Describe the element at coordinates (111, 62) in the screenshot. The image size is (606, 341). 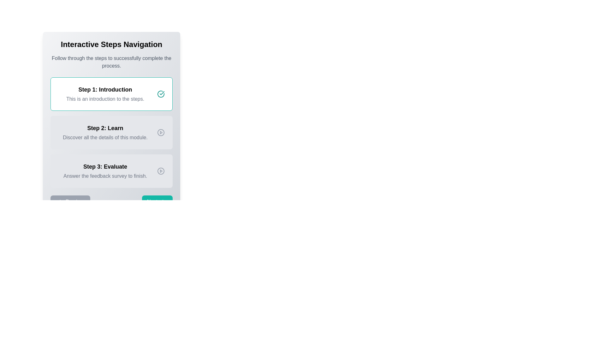
I see `informational text label located centrally beneath the title 'Interactive Steps Navigation', which guides users through the outlined steps for the interactive process` at that location.